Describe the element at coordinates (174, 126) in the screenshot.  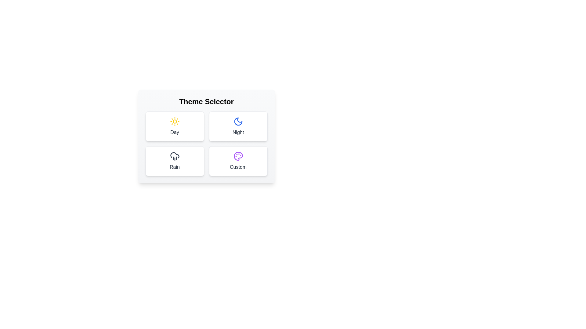
I see `the button corresponding to the Day theme to select it` at that location.